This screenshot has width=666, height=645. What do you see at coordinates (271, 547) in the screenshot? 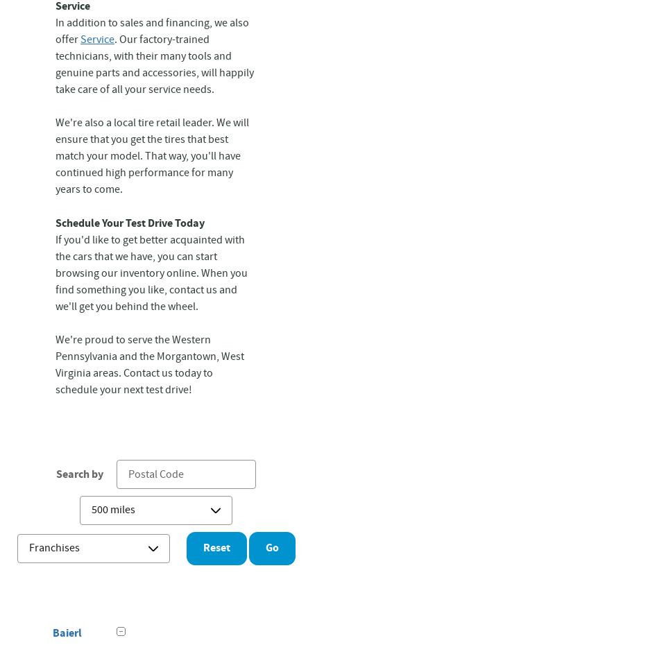
I see `'Go'` at bounding box center [271, 547].